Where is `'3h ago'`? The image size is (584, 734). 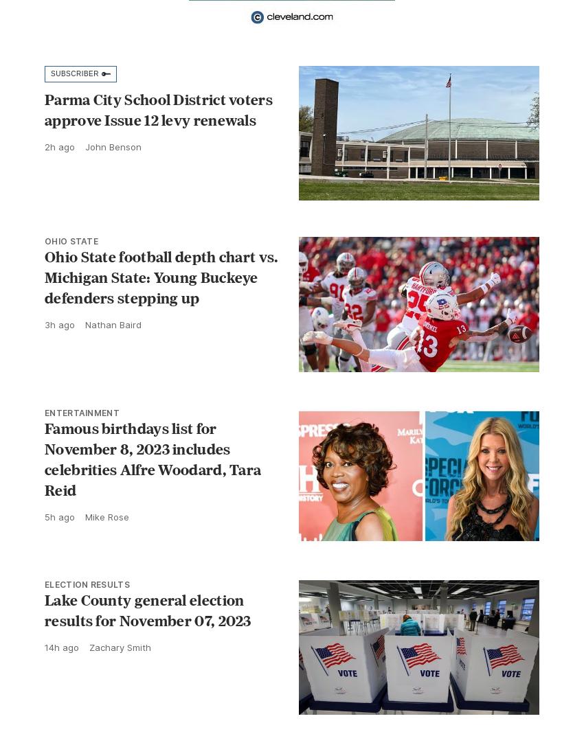 '3h ago' is located at coordinates (59, 324).